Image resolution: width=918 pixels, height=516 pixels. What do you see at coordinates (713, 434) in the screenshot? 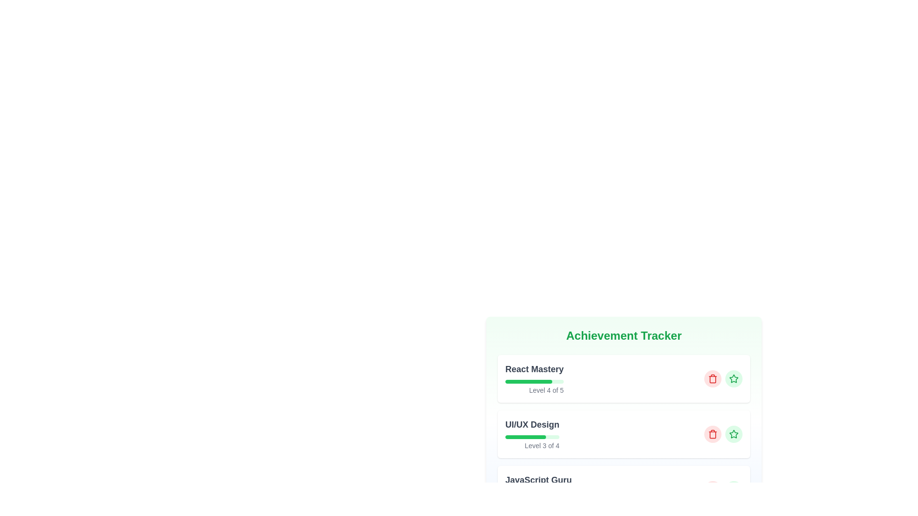
I see `the red trash bin icon button` at bounding box center [713, 434].